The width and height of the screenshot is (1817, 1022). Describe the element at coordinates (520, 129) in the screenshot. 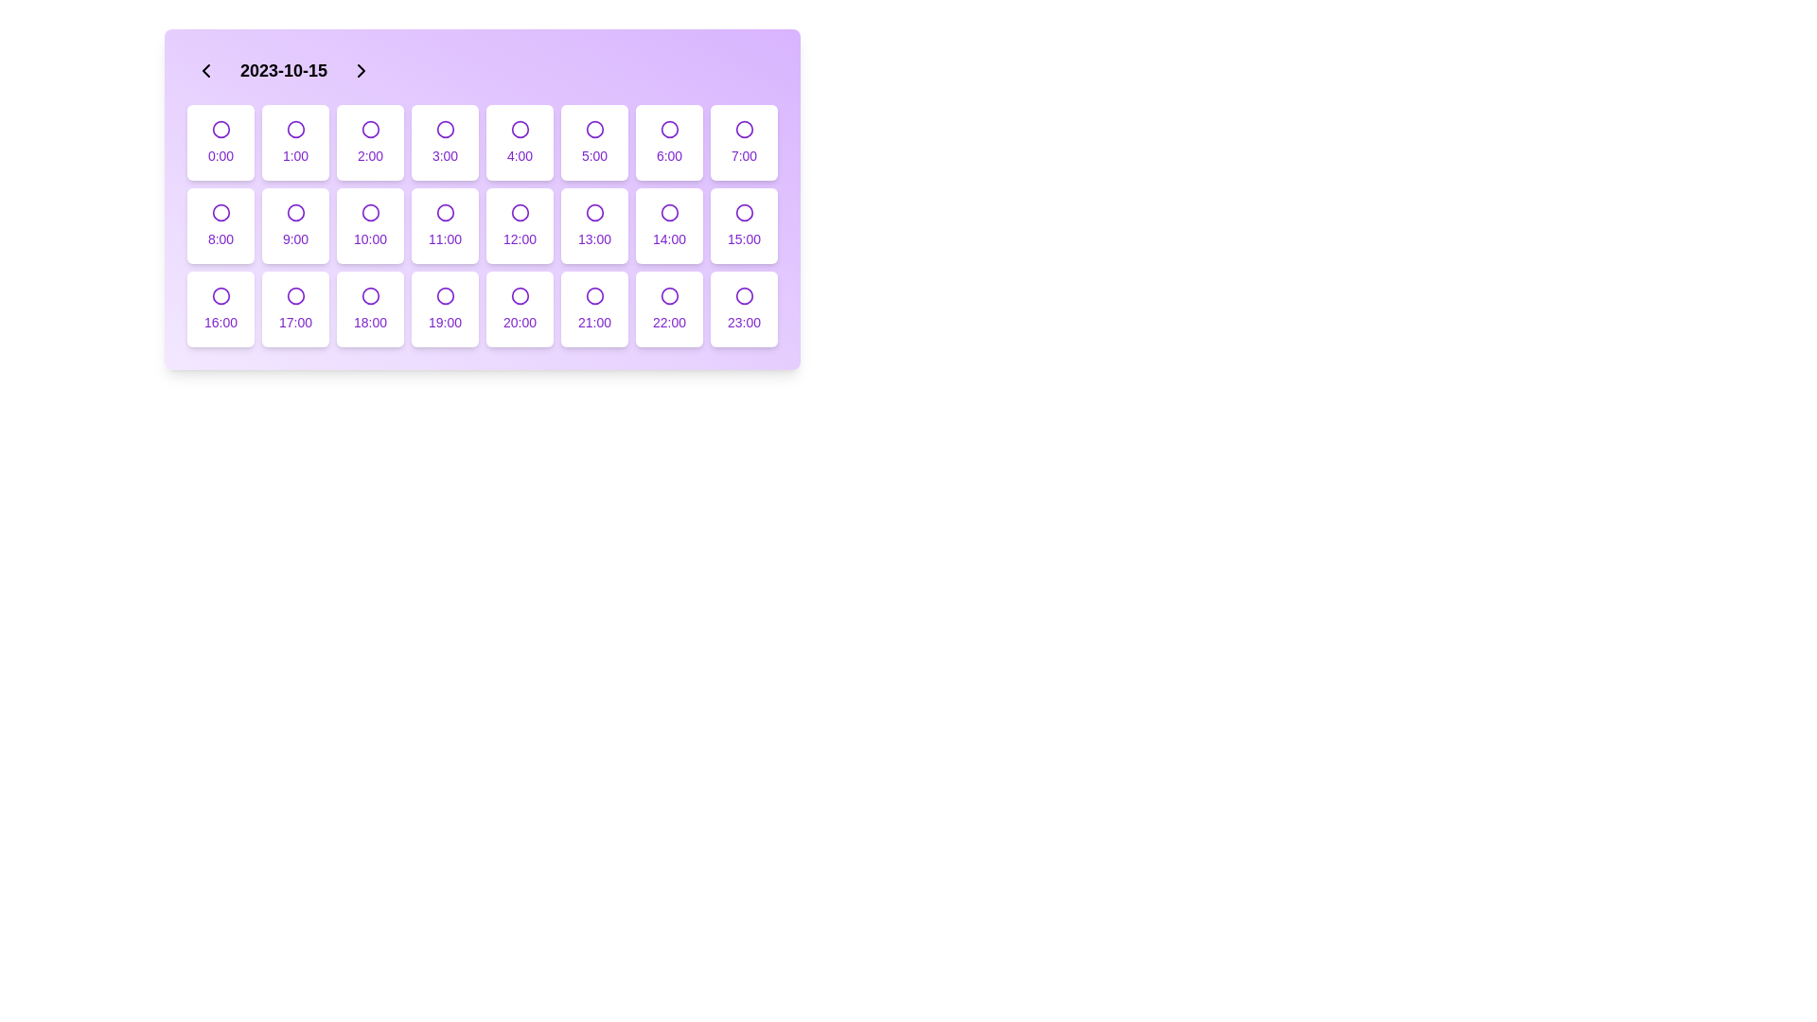

I see `the radio button for the time slot labeled '4:00'` at that location.